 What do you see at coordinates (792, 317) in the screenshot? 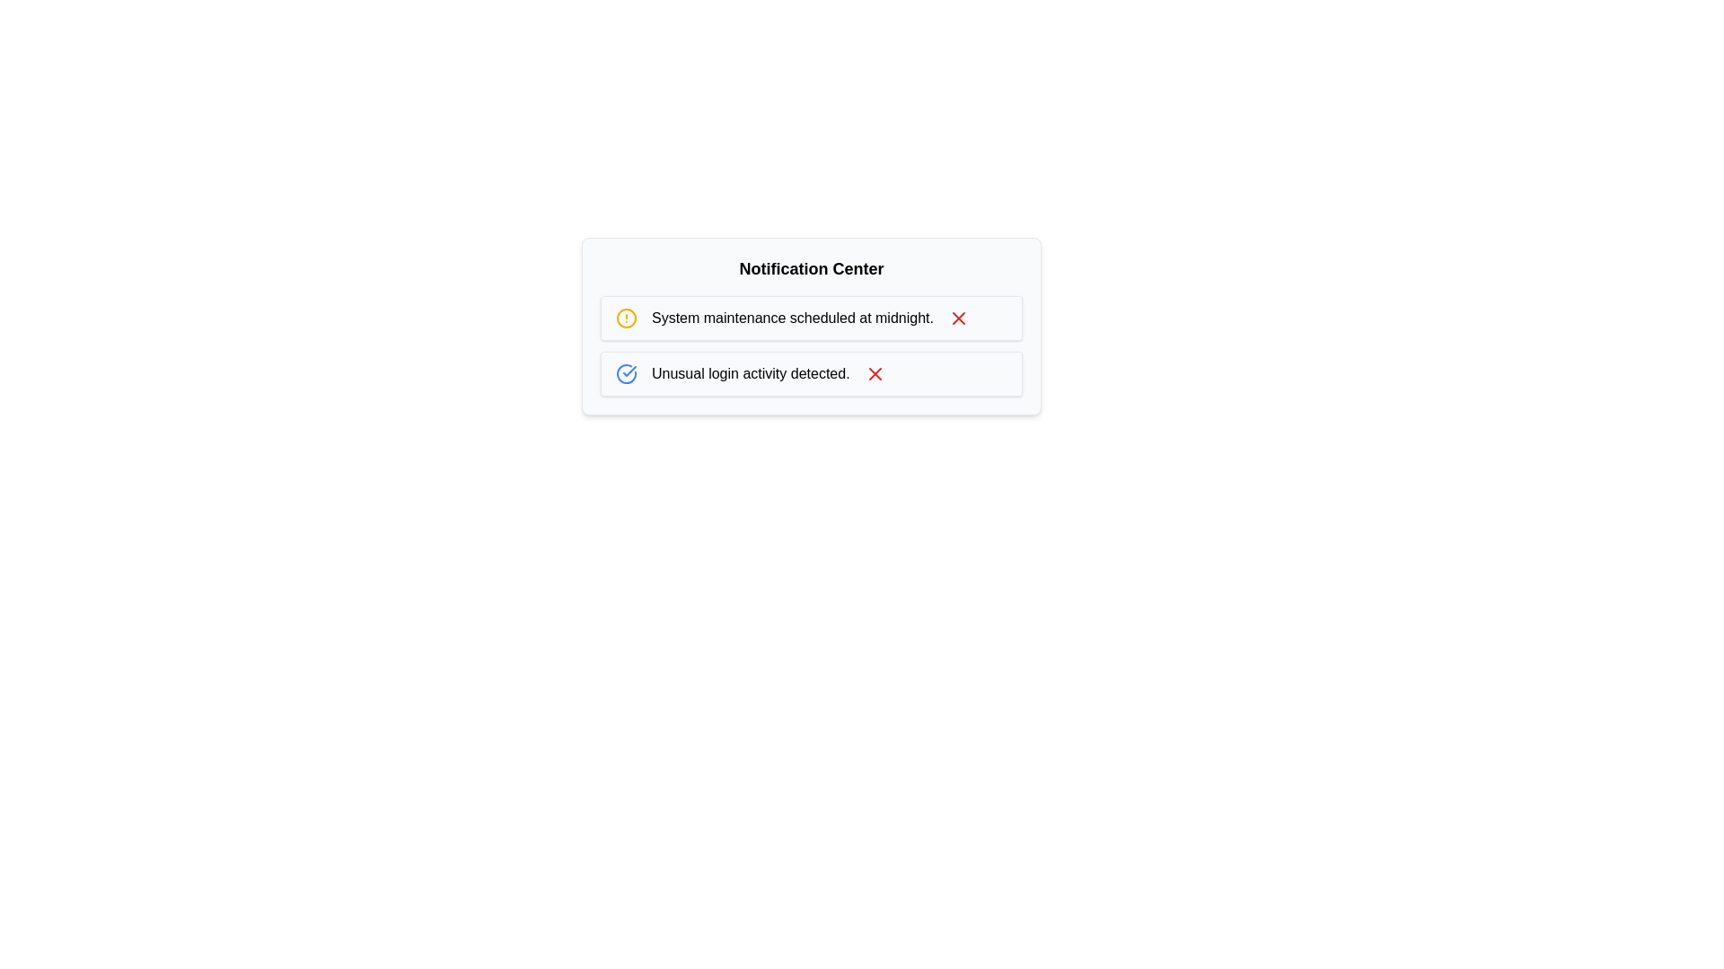
I see `text notification that states 'System maintenance scheduled at midnight.' which is located in the Notification Center, centered between an icon and a dismiss button` at bounding box center [792, 317].